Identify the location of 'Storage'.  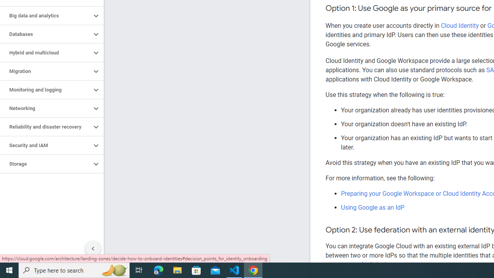
(45, 164).